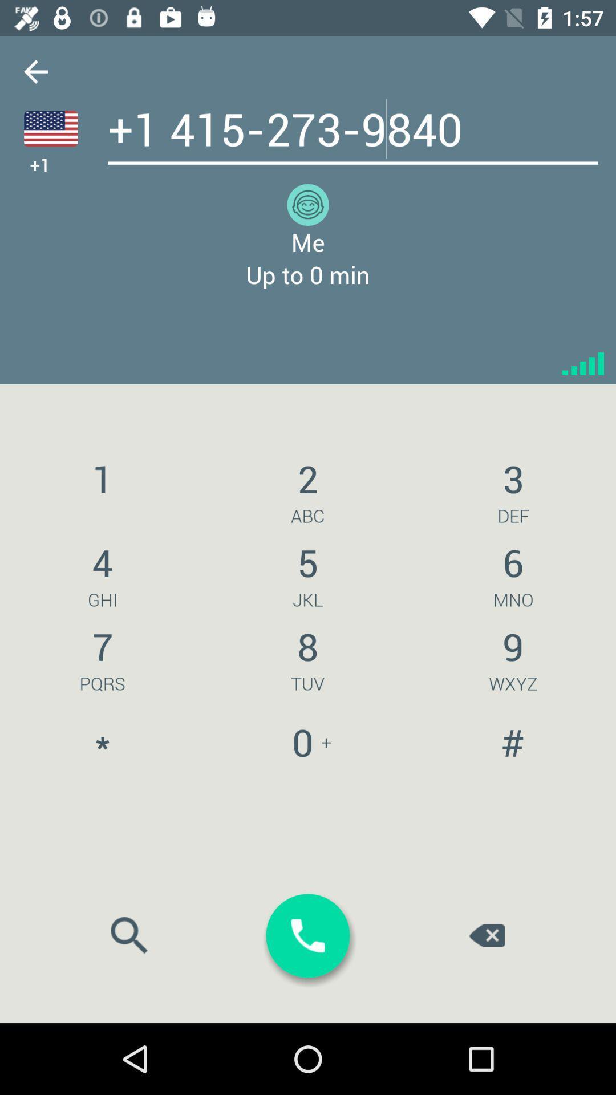  What do you see at coordinates (35, 71) in the screenshot?
I see `back arrow button` at bounding box center [35, 71].